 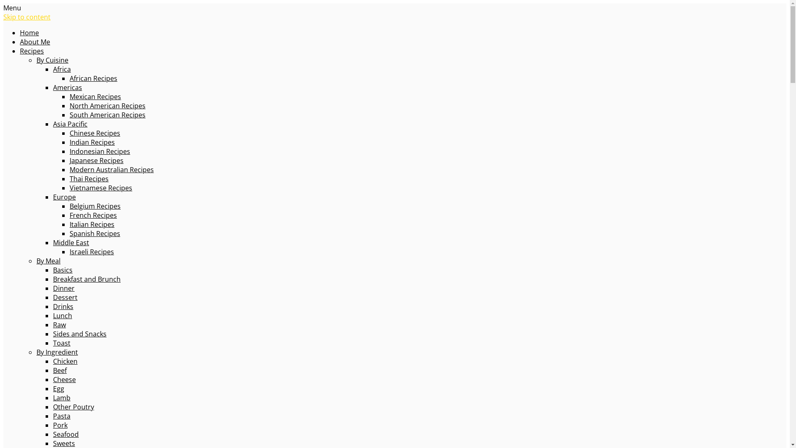 I want to click on 'Africa', so click(x=61, y=68).